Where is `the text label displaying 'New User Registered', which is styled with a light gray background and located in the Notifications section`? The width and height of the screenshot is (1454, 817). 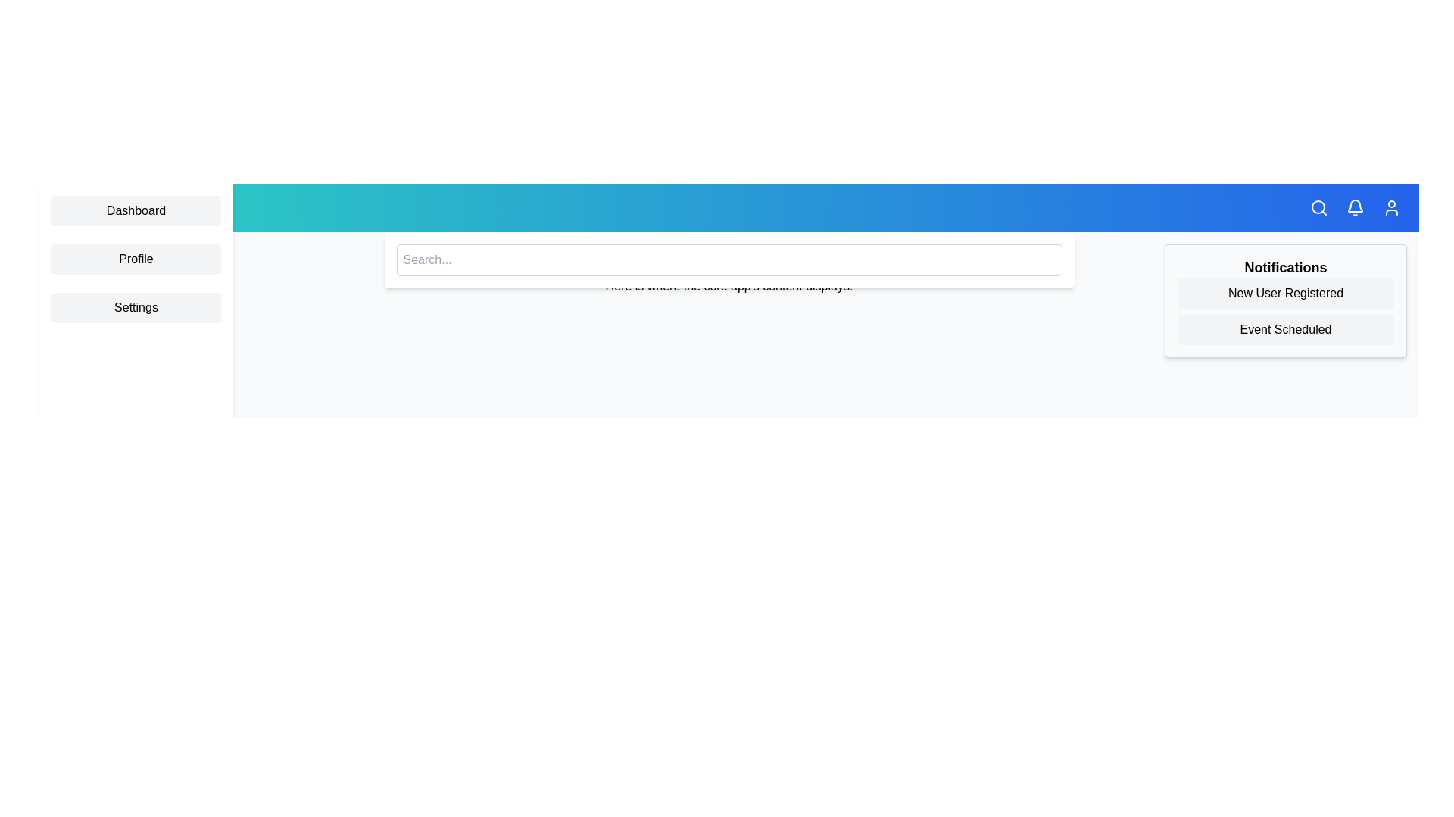 the text label displaying 'New User Registered', which is styled with a light gray background and located in the Notifications section is located at coordinates (1285, 294).